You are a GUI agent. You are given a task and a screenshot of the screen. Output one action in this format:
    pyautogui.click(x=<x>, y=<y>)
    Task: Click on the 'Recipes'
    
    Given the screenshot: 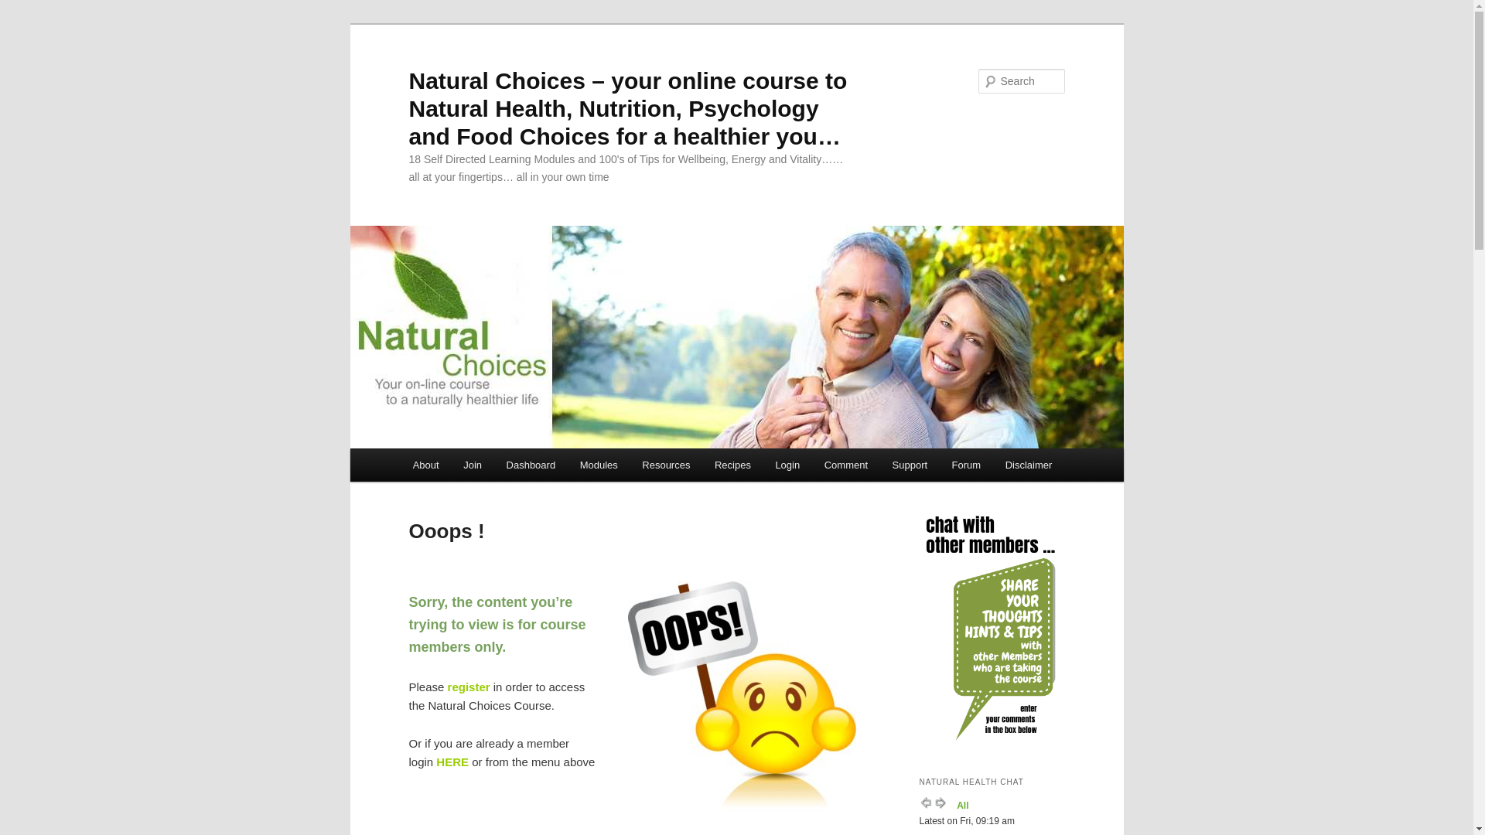 What is the action you would take?
    pyautogui.click(x=731, y=464)
    